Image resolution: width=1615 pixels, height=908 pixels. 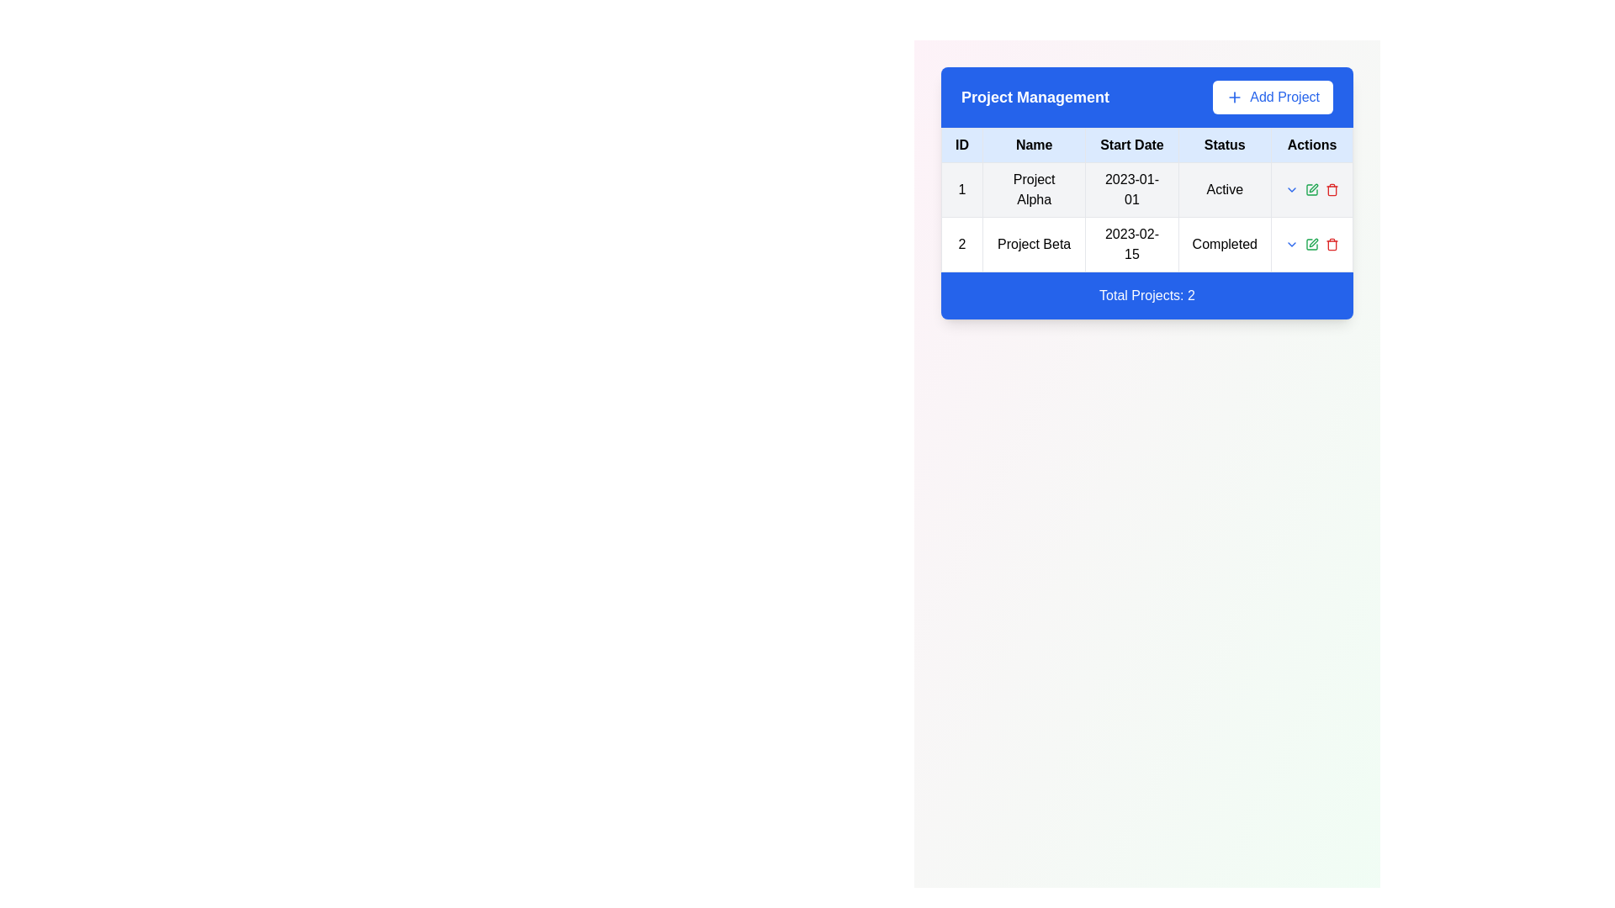 I want to click on the delete button located in the rightmost position of the 'Actions' column in the second row of the 'Project Management' table, so click(x=1332, y=189).